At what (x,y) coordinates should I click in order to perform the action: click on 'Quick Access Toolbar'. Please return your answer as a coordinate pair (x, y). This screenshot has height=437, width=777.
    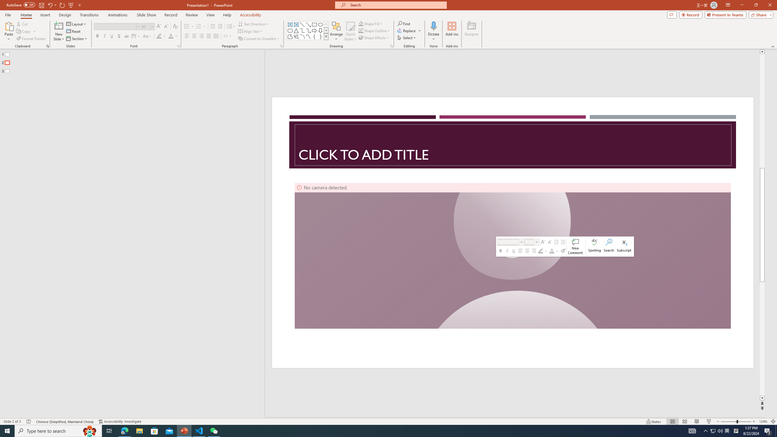
    Looking at the image, I should click on (44, 5).